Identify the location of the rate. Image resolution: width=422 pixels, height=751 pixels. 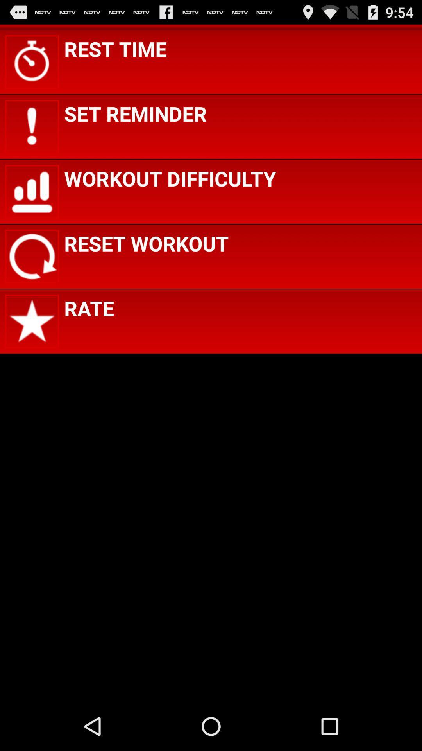
(88, 307).